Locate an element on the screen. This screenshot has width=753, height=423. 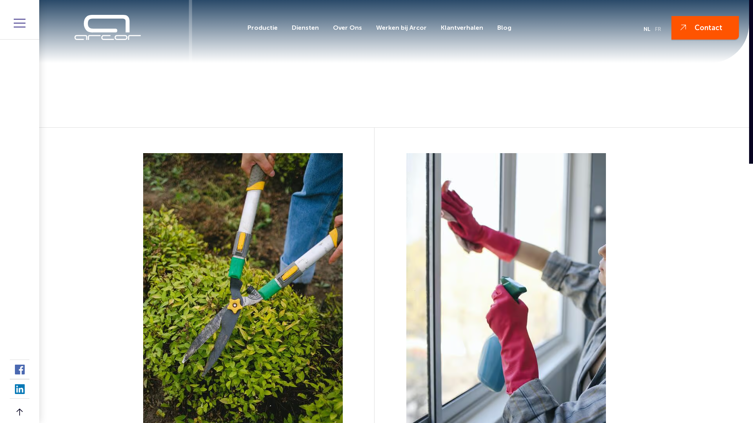
'Klantverhalen' is located at coordinates (462, 27).